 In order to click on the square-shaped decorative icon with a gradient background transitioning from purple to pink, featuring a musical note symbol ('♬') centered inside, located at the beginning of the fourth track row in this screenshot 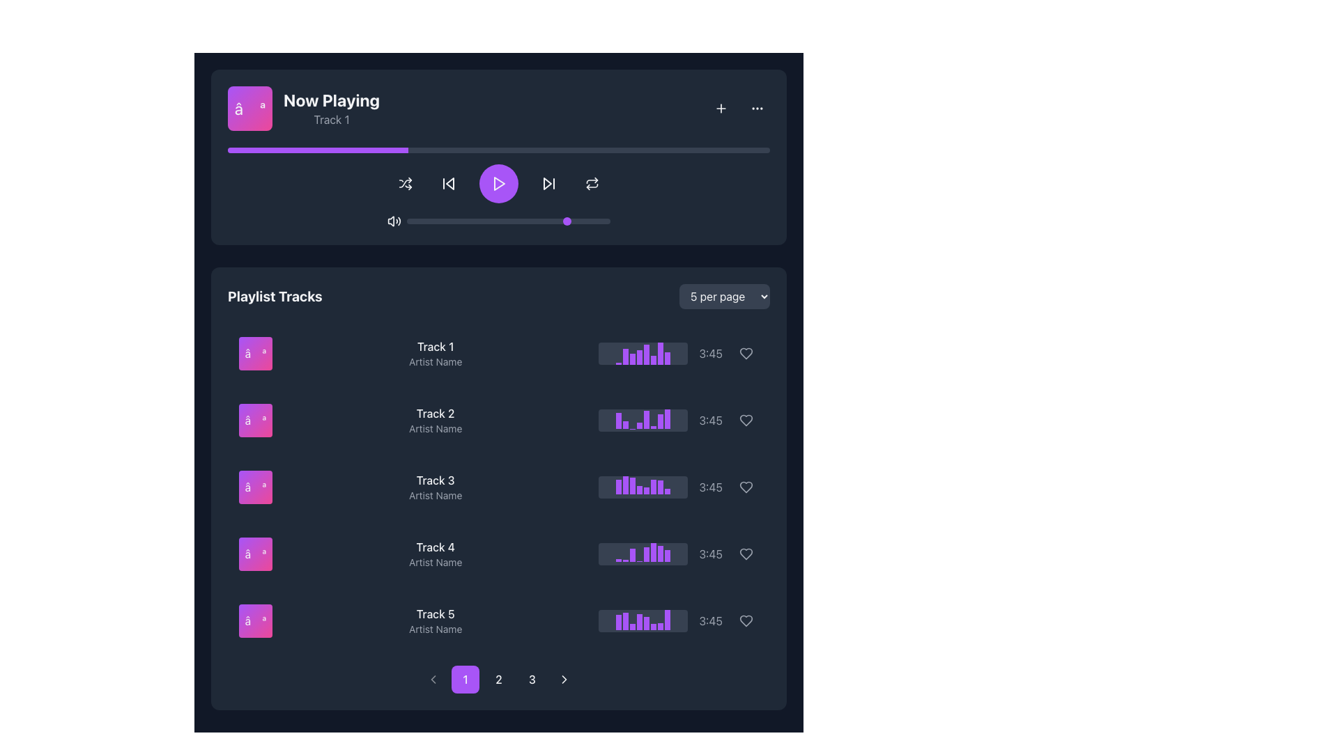, I will do `click(255, 553)`.